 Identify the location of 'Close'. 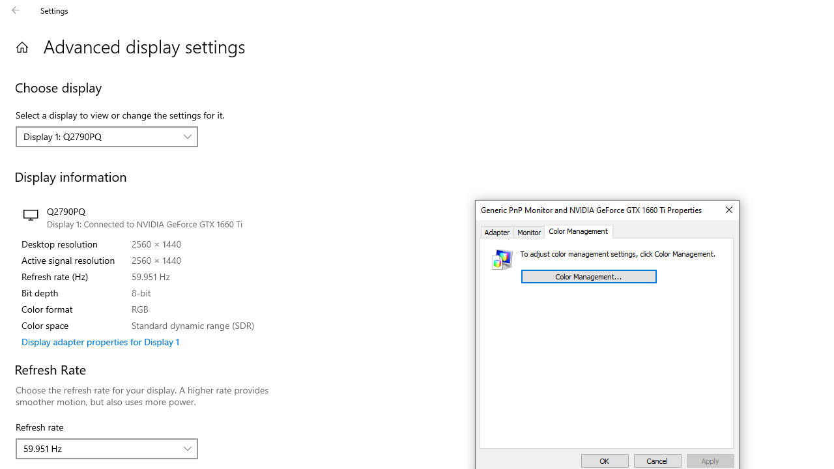
(728, 209).